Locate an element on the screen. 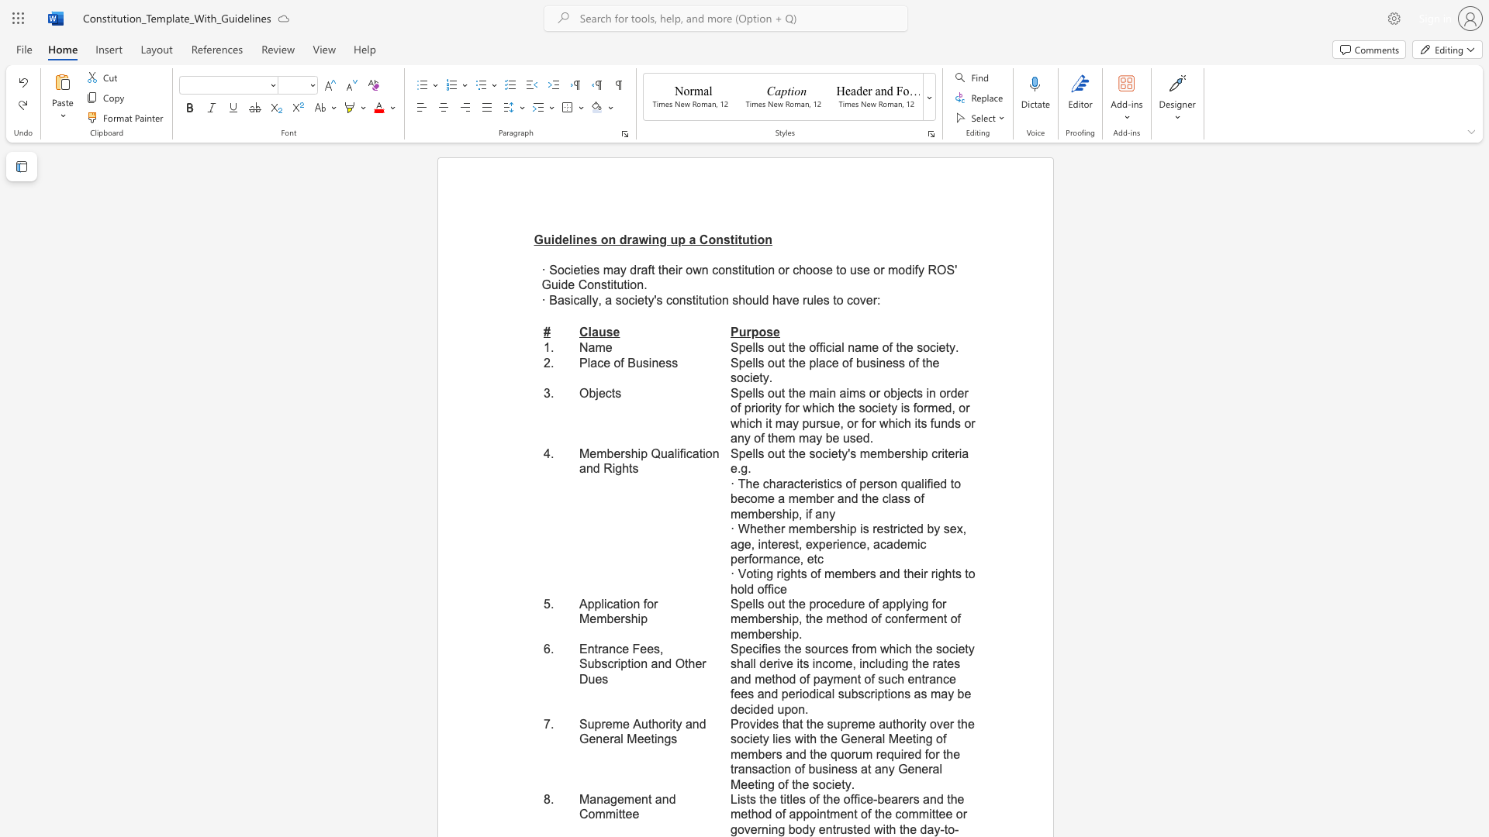 The width and height of the screenshot is (1489, 837). the 2th character "d" in the text is located at coordinates (948, 407).